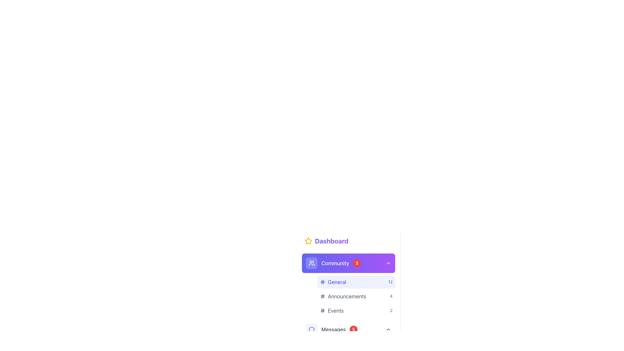 This screenshot has height=351, width=624. Describe the element at coordinates (331, 330) in the screenshot. I see `the Menu item with notification badge that links to the 'Messages' section` at that location.